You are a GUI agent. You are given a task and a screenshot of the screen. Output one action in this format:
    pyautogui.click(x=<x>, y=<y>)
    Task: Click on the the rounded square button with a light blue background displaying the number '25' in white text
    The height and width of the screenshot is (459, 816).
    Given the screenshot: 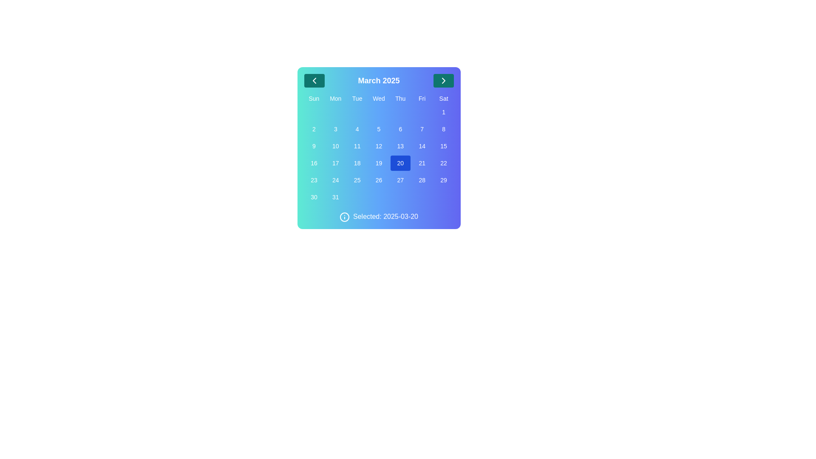 What is the action you would take?
    pyautogui.click(x=357, y=180)
    